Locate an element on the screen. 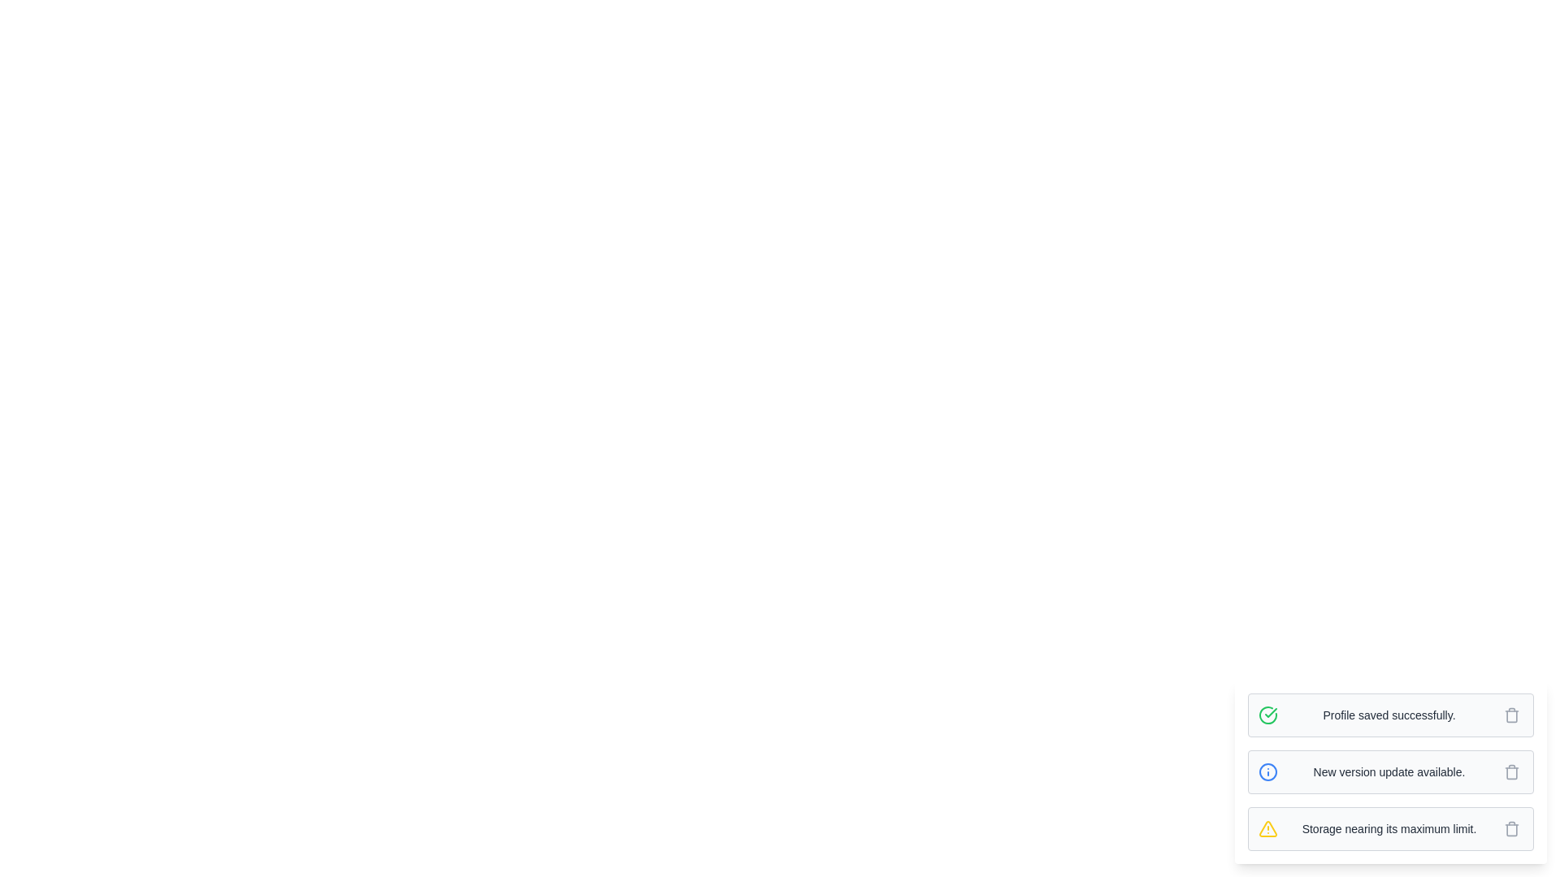 Image resolution: width=1560 pixels, height=877 pixels. the message 'Profile saved successfully.' to observe the hover effect is located at coordinates (1390, 714).